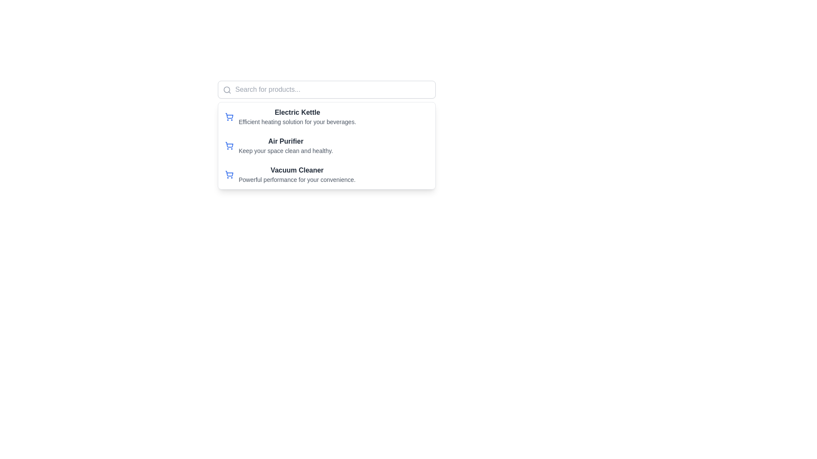  Describe the element at coordinates (326, 174) in the screenshot. I see `the third list item in the dropdown menu that displays product details for 'Vacuum Cleaner'` at that location.